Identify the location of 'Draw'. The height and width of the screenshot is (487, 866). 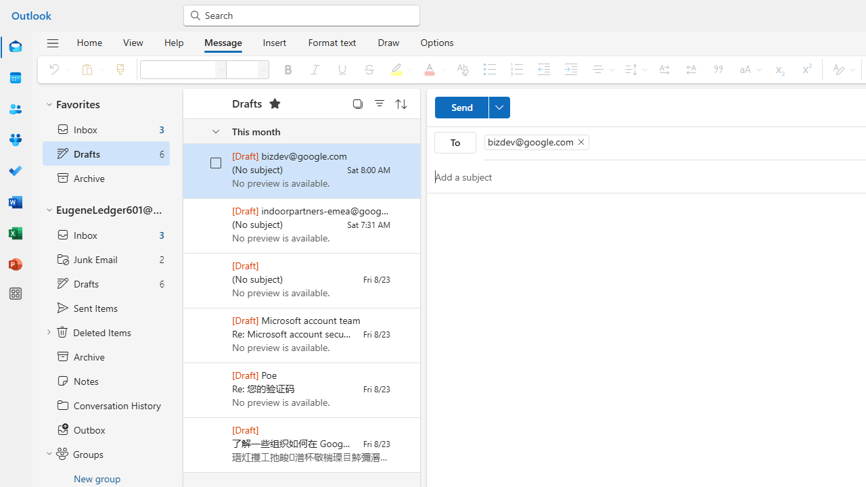
(388, 41).